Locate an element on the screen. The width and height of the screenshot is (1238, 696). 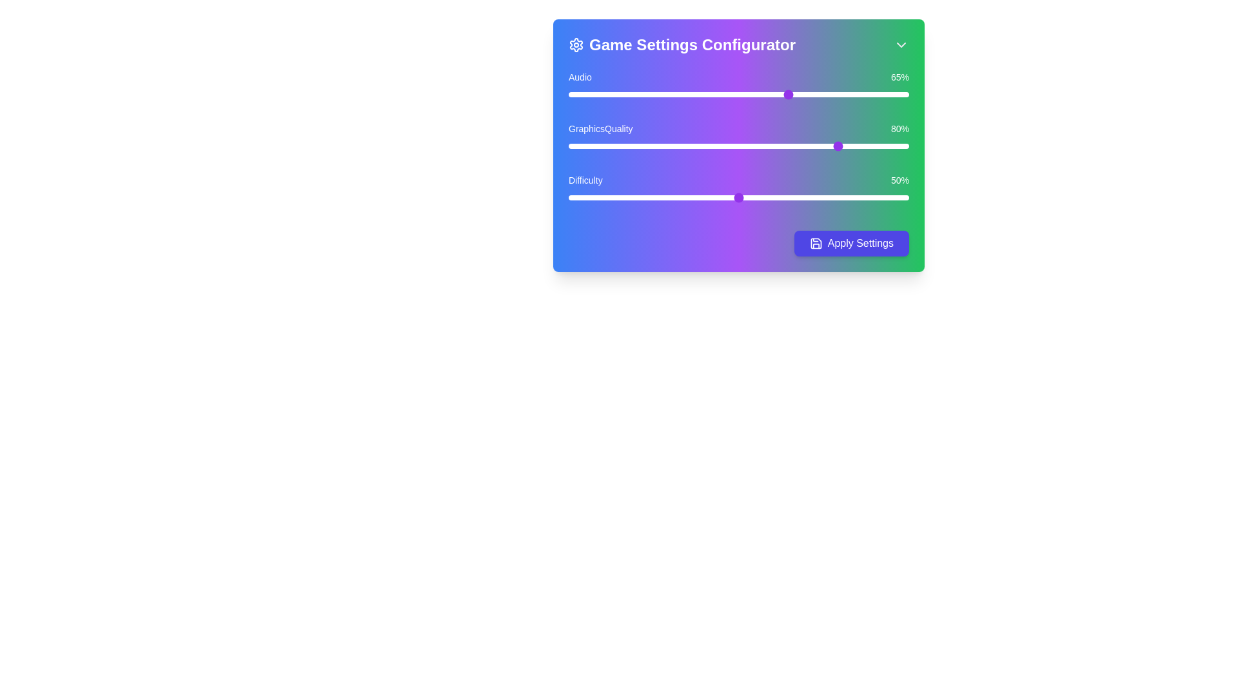
the difficulty slider is located at coordinates (806, 198).